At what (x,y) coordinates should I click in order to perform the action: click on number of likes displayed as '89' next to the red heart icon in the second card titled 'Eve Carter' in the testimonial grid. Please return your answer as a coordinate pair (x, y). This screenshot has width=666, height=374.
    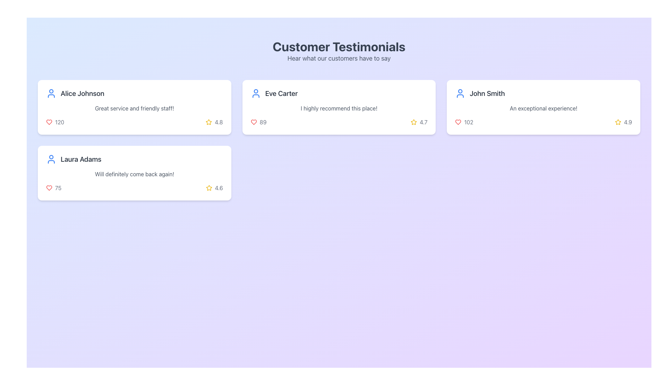
    Looking at the image, I should click on (258, 122).